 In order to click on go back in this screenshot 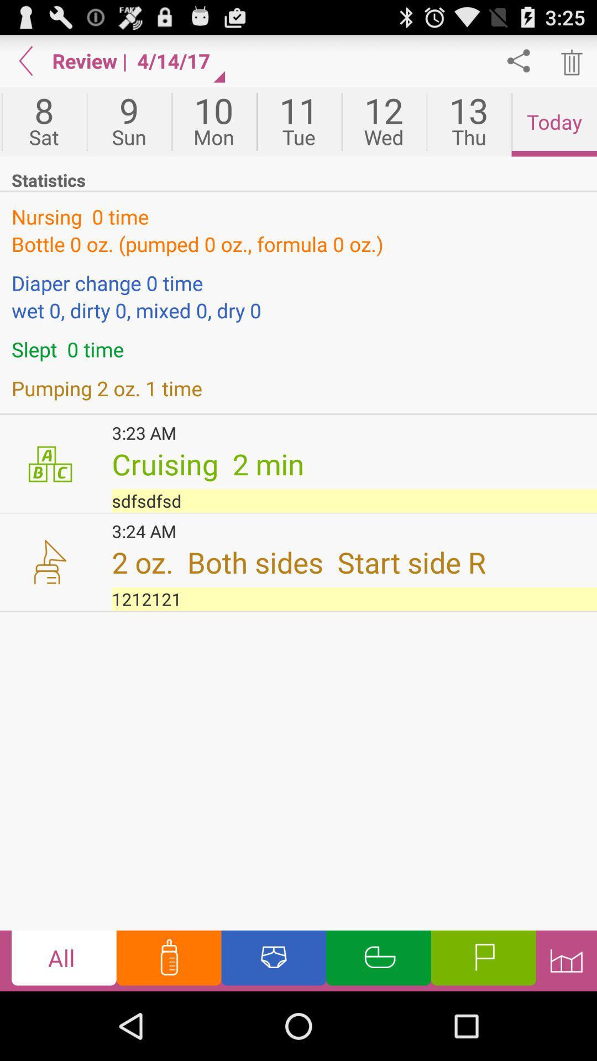, I will do `click(25, 60)`.